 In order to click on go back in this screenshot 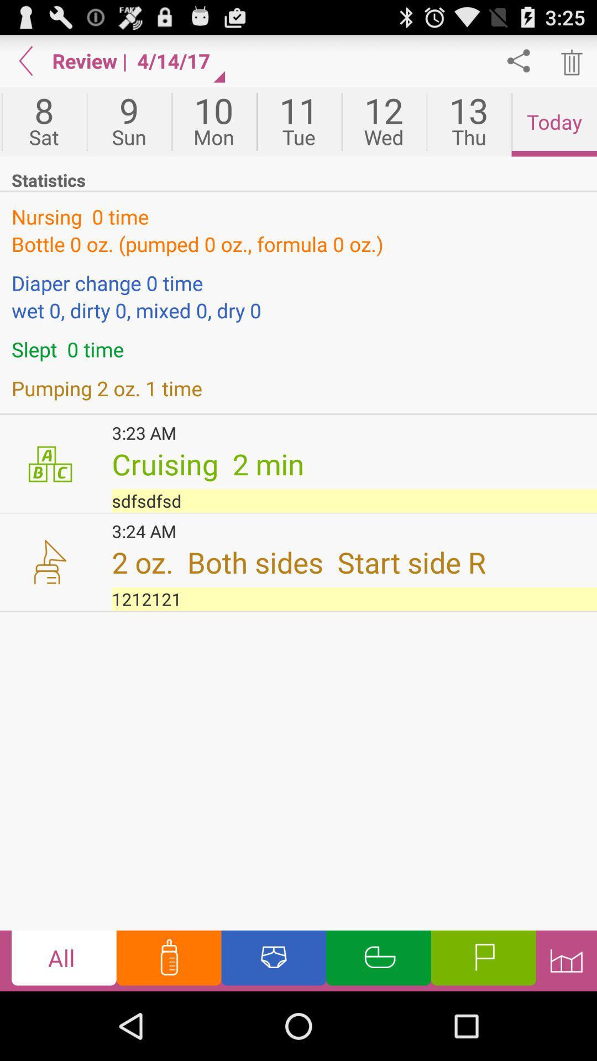, I will do `click(25, 60)`.